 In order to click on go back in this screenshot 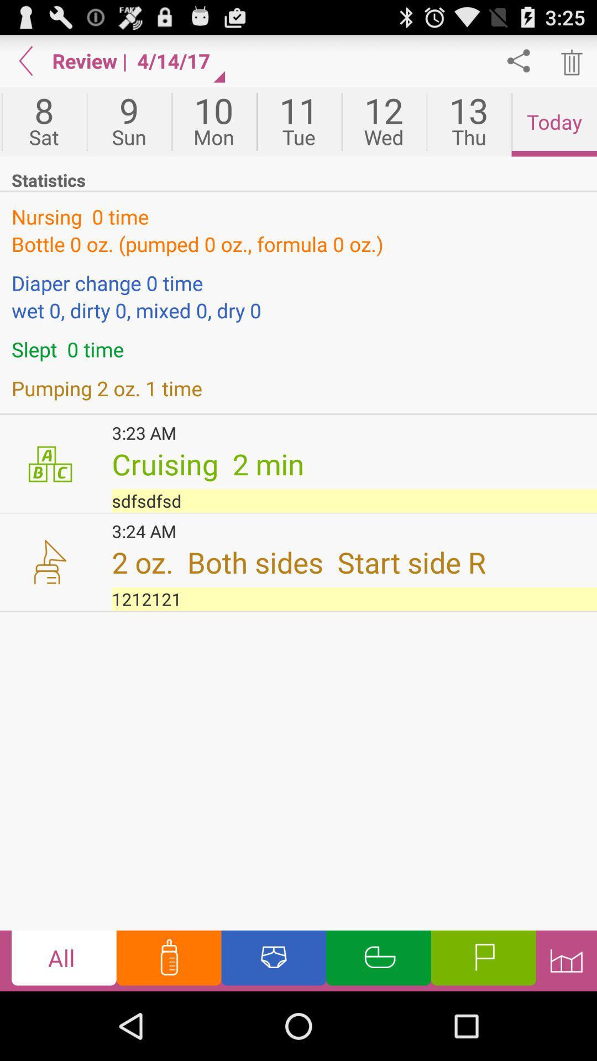, I will do `click(25, 60)`.